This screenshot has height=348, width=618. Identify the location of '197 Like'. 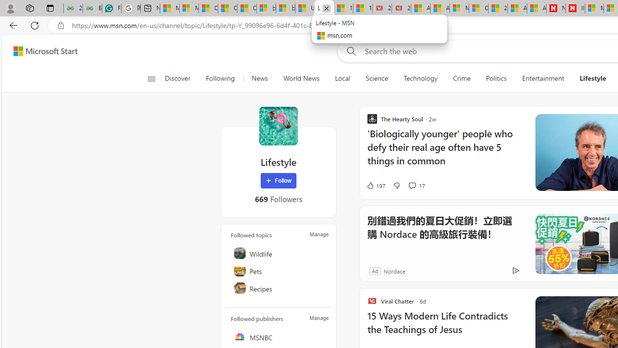
(375, 186).